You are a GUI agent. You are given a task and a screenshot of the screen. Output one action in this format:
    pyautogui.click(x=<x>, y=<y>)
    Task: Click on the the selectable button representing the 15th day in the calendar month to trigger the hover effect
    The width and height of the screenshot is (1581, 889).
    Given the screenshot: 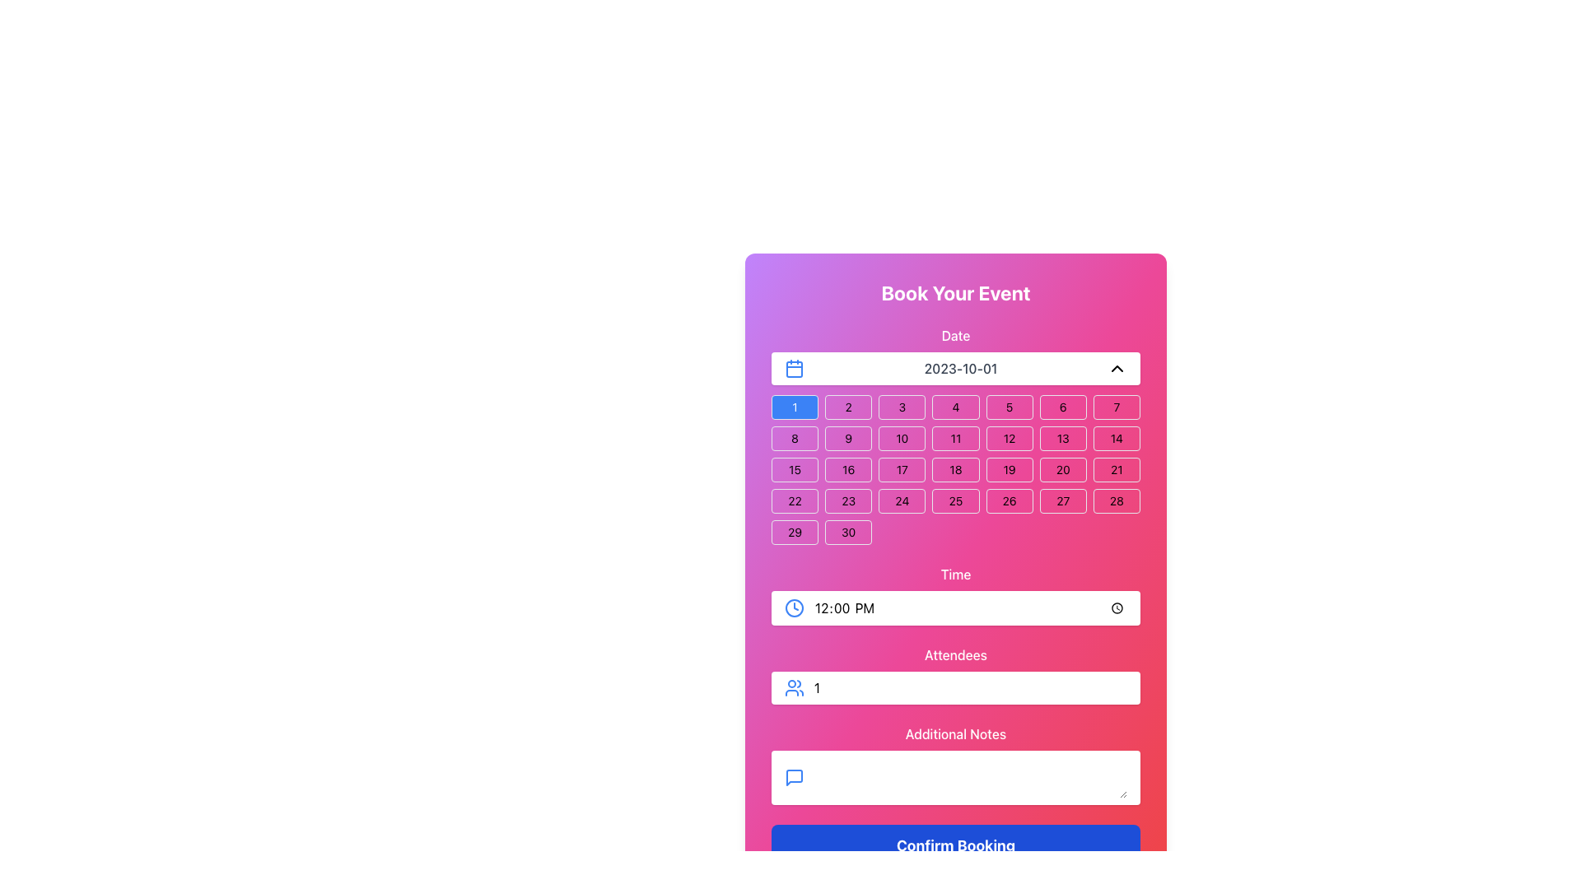 What is the action you would take?
    pyautogui.click(x=795, y=469)
    